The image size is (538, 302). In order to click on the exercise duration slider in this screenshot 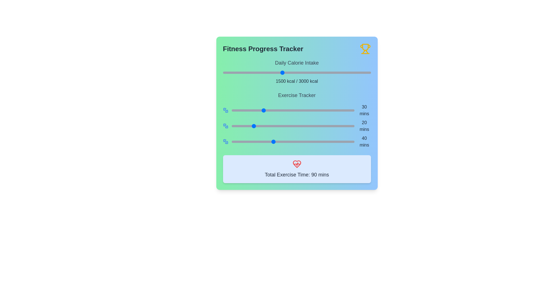, I will do `click(287, 126)`.